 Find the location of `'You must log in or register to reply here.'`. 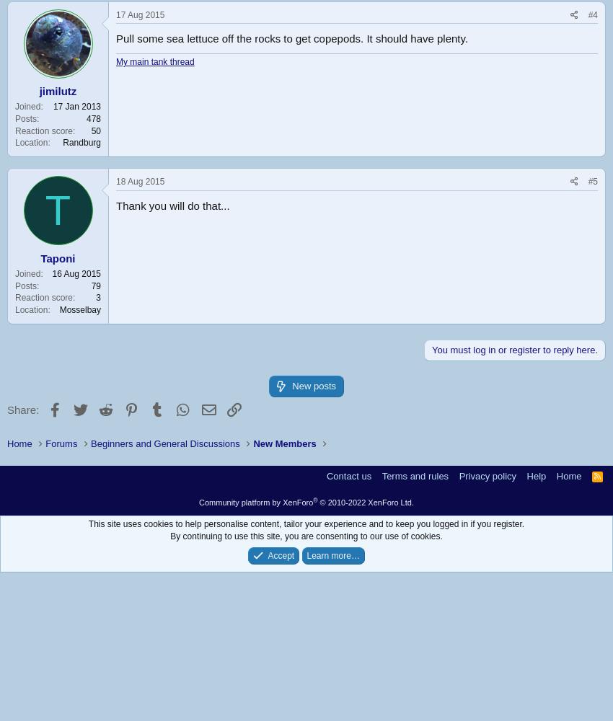

'You must log in or register to reply here.' is located at coordinates (513, 348).